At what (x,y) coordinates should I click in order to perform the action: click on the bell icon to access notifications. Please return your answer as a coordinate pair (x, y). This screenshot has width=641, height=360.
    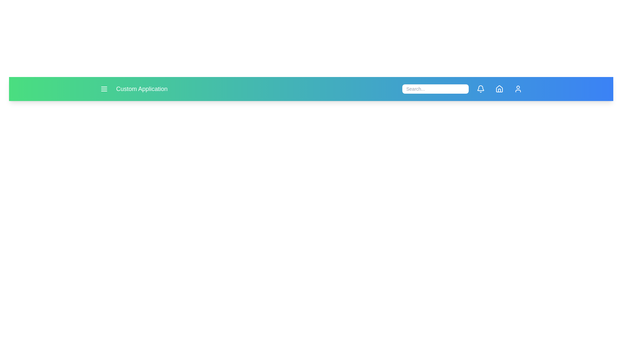
    Looking at the image, I should click on (481, 88).